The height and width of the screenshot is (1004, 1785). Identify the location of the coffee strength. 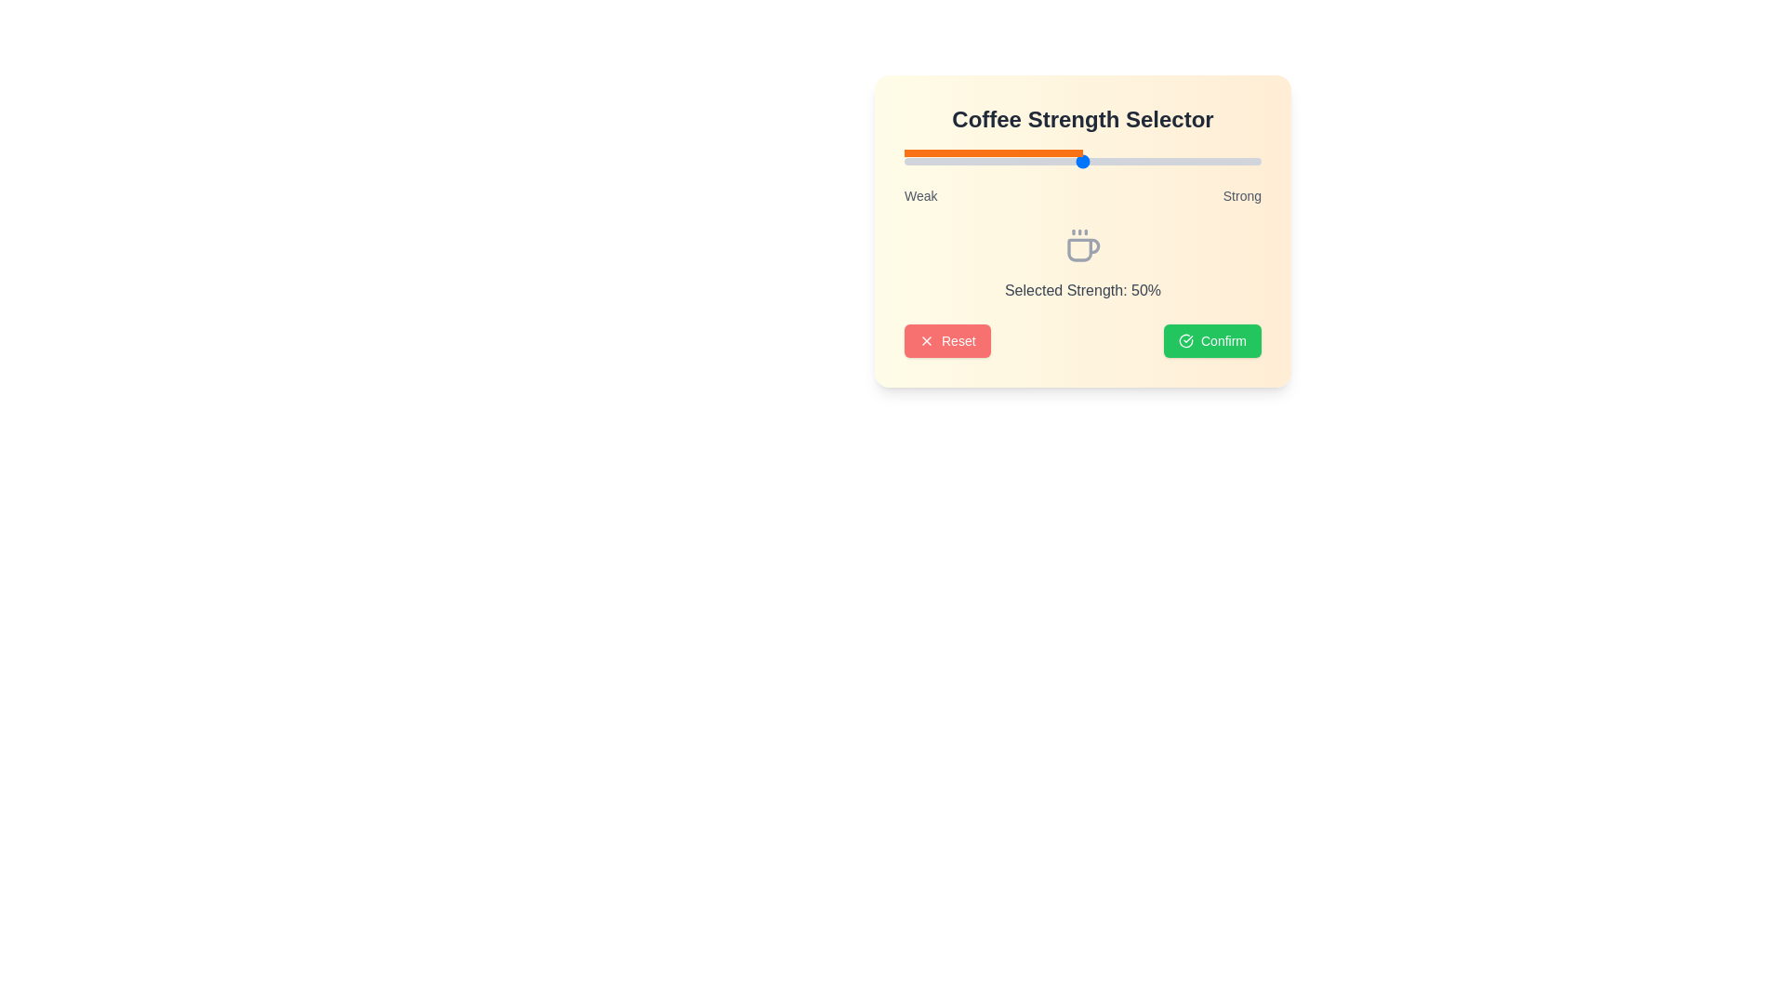
(1243, 160).